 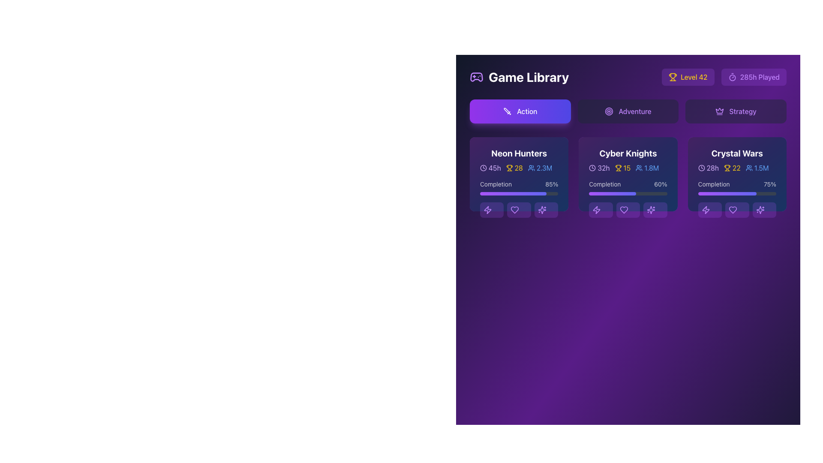 I want to click on the blue outline icon of two human figures adjacent to the numeric value '1.5M' within the 'Crystal Wars' game card, so click(x=748, y=168).